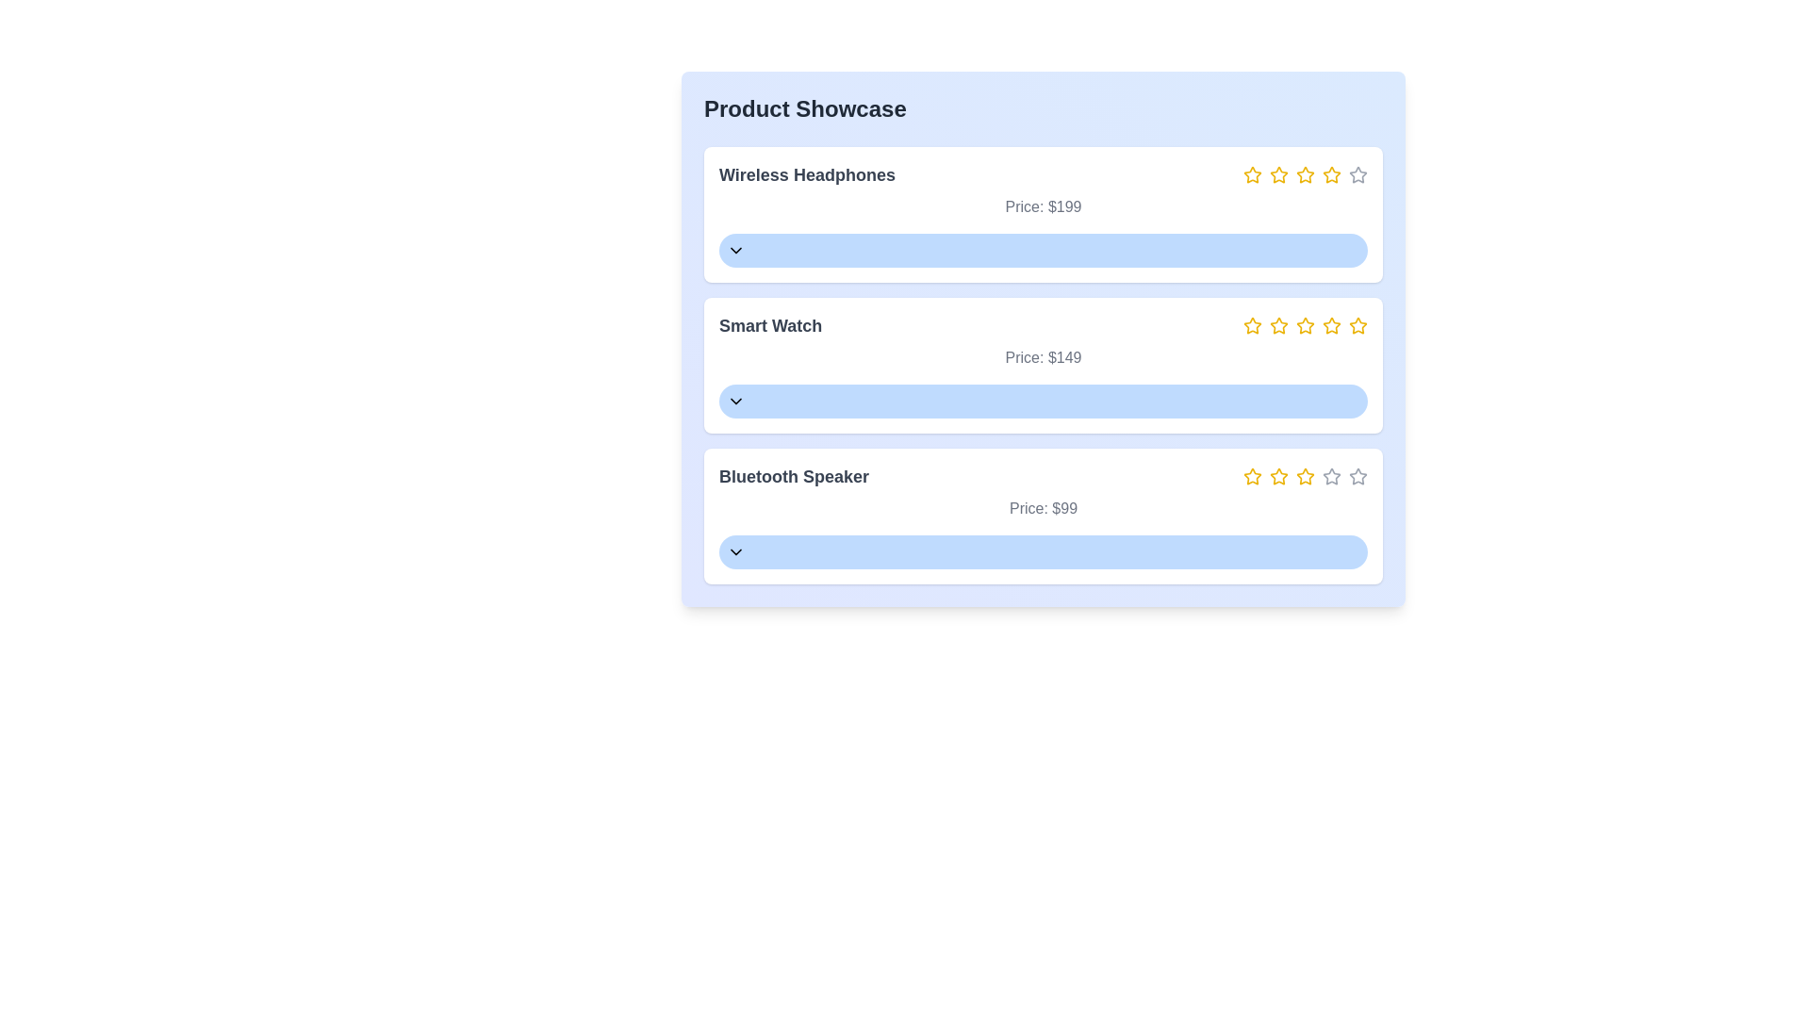  Describe the element at coordinates (1252, 174) in the screenshot. I see `the first star icon` at that location.